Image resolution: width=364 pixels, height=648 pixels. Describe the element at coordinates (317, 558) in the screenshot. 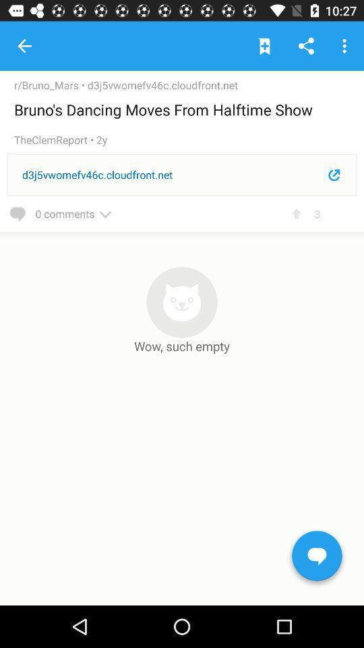

I see `help chat` at that location.